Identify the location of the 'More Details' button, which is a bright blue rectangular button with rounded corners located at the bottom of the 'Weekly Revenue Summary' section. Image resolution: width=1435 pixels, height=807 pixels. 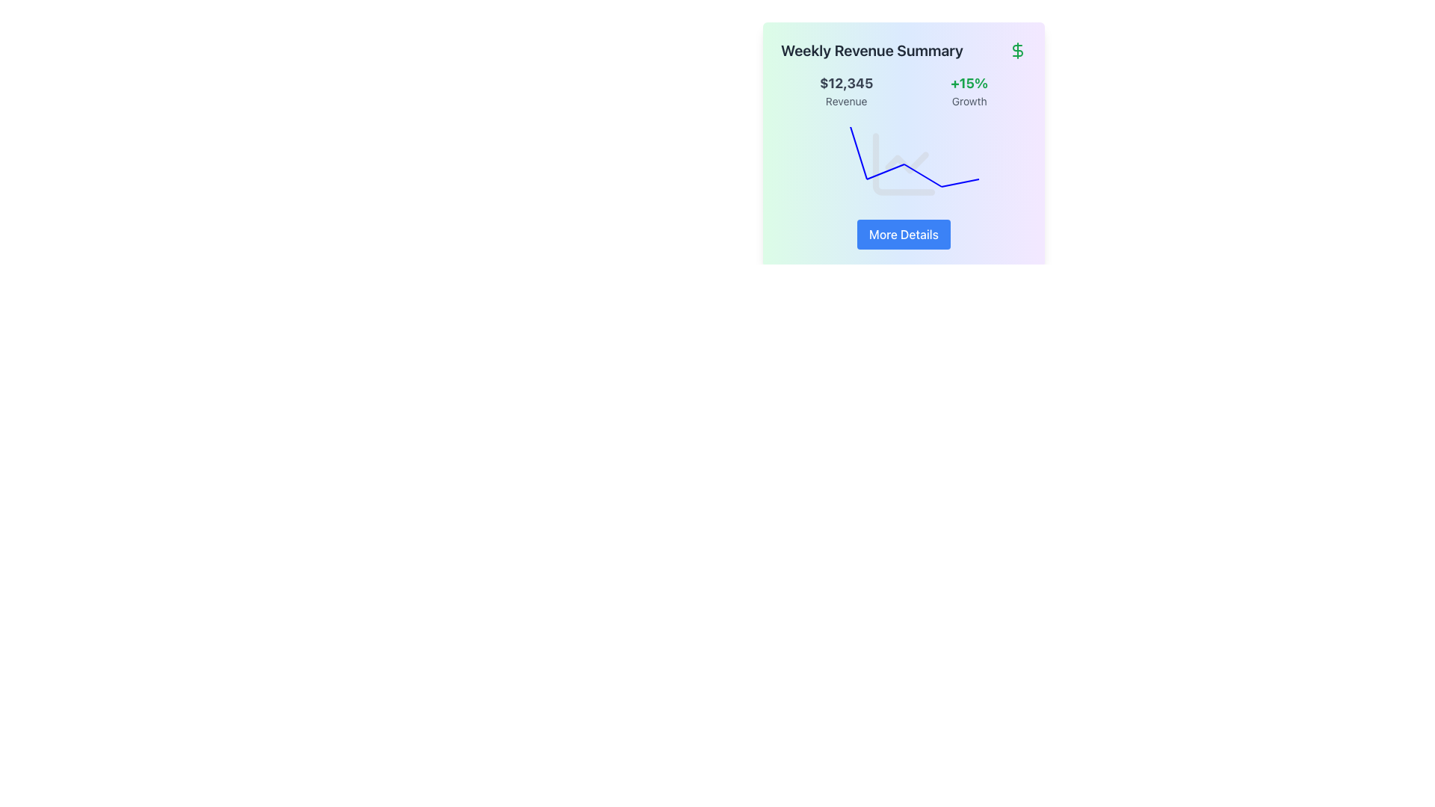
(903, 234).